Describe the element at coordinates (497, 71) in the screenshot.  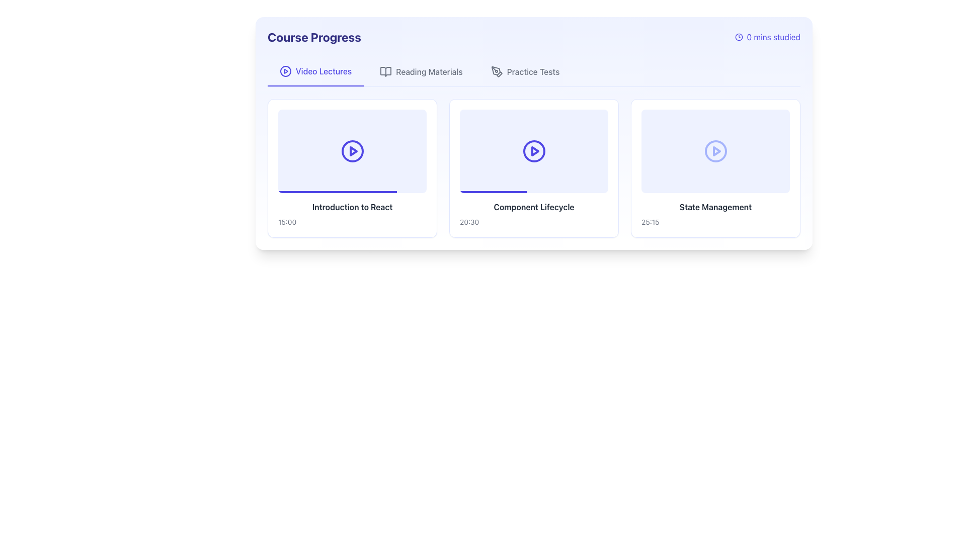
I see `the pen tool icon located in the top navigation bar next to the 'Practice Tests' text` at that location.